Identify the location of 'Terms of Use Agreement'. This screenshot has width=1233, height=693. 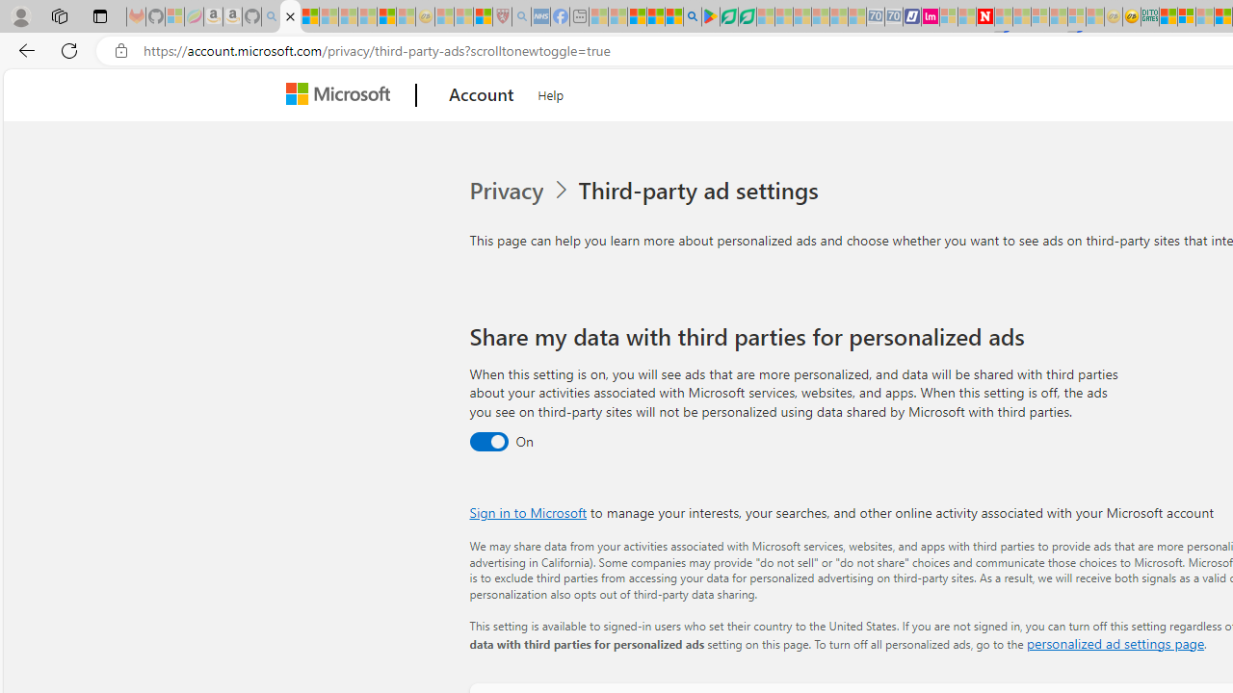
(727, 16).